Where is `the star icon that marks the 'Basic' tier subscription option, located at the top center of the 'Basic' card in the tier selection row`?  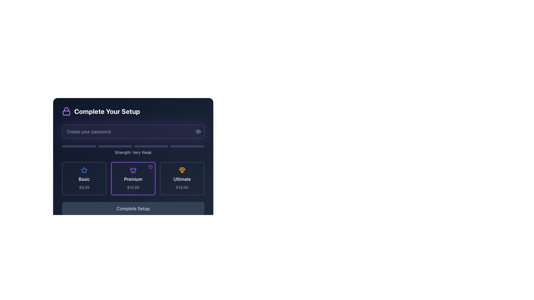 the star icon that marks the 'Basic' tier subscription option, located at the top center of the 'Basic' card in the tier selection row is located at coordinates (84, 170).